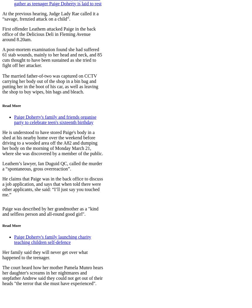 This screenshot has width=252, height=308. What do you see at coordinates (52, 239) in the screenshot?
I see `'Paige Doherty's family launching charity teaching children self-defence'` at bounding box center [52, 239].